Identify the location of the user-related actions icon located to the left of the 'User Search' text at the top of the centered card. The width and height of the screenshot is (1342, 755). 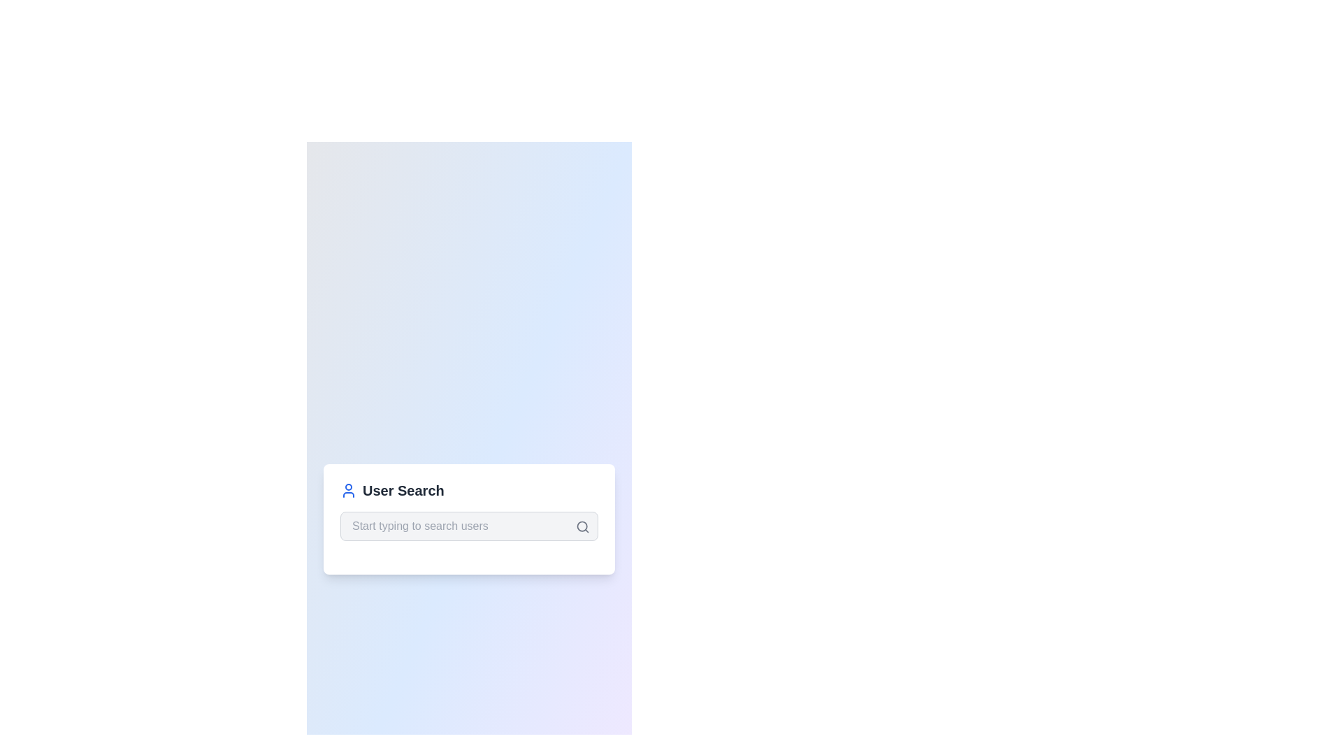
(349, 490).